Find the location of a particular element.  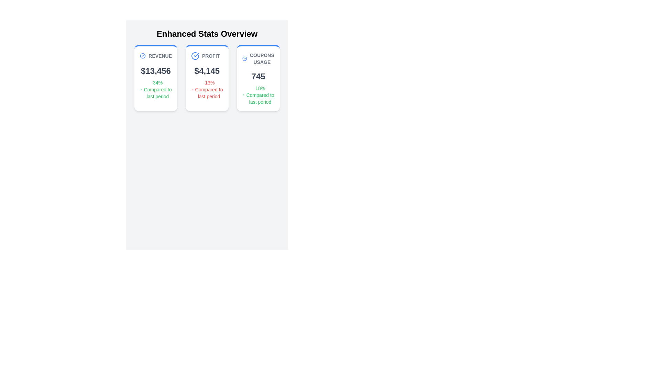

the large bold dark gray text displaying the statistical value '$4,145' located in the center of the 'PROFIT' card in the 'Enhanced Stats Overview' section is located at coordinates (207, 71).